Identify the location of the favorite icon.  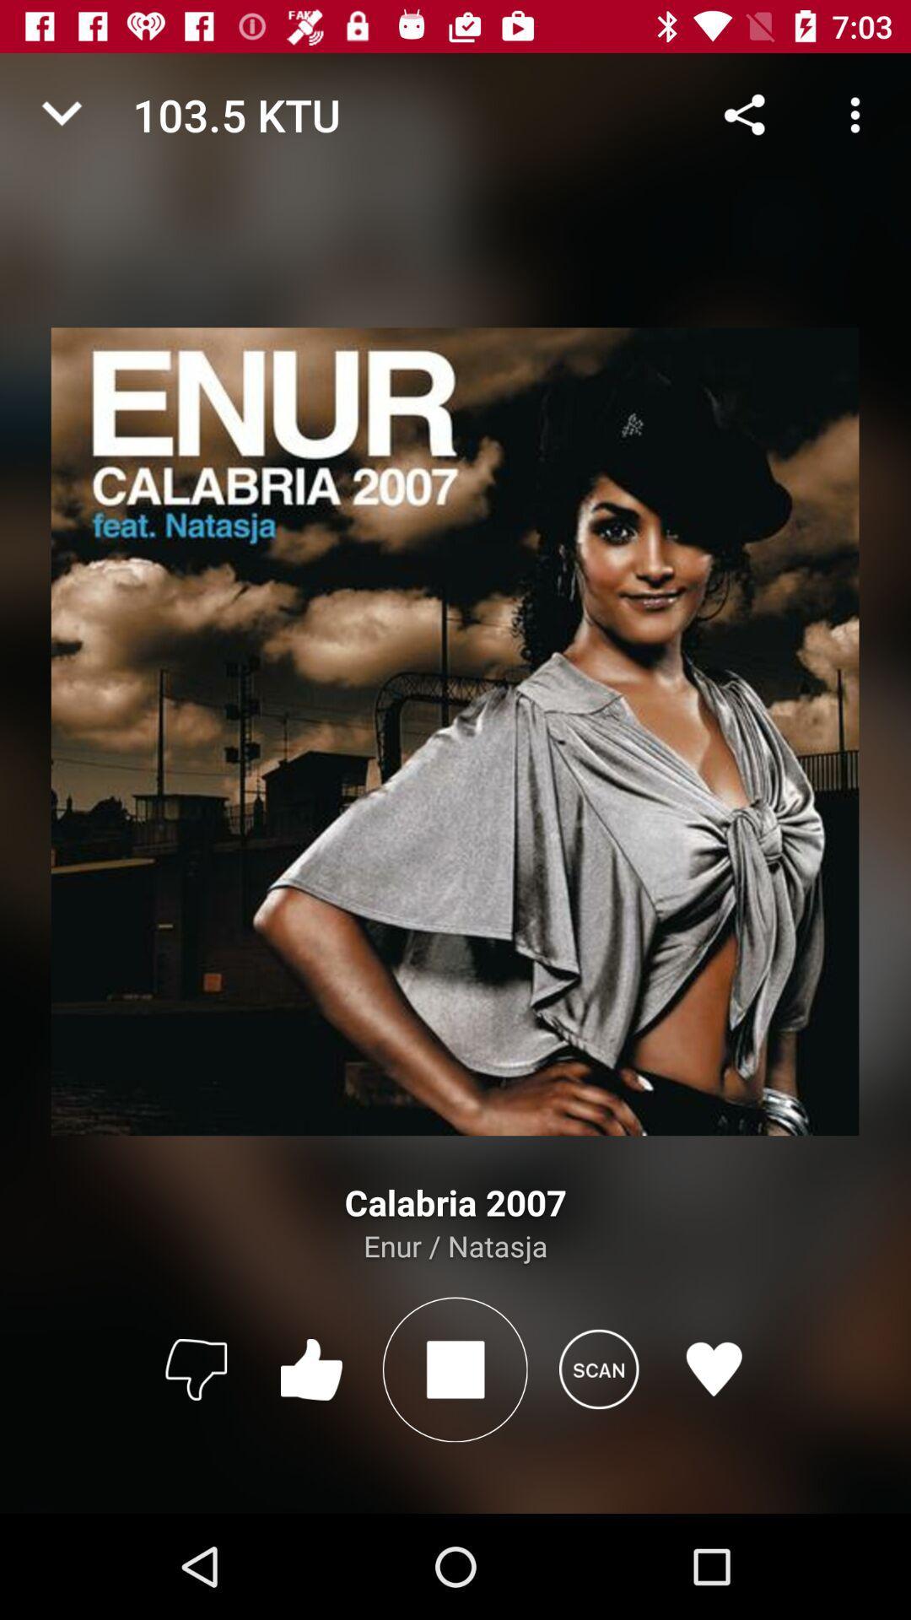
(714, 1369).